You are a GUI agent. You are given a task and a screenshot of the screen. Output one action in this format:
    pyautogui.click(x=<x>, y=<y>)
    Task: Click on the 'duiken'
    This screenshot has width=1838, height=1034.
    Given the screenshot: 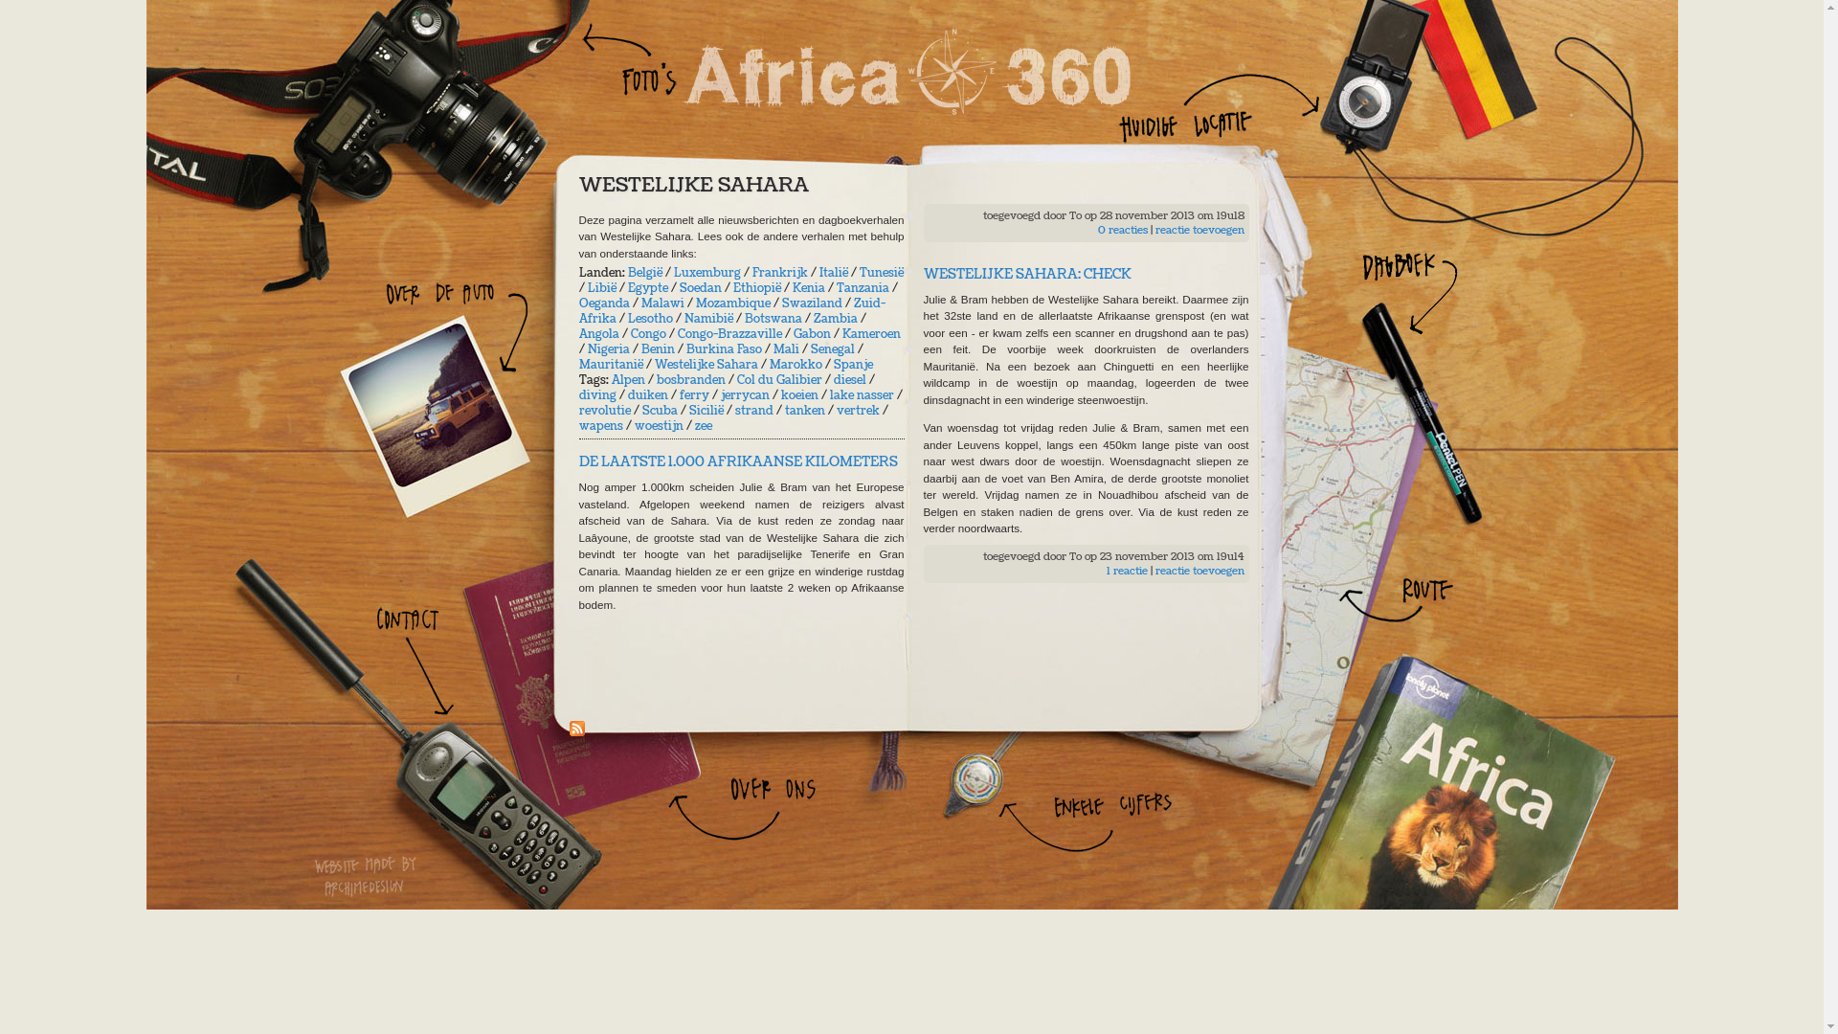 What is the action you would take?
    pyautogui.click(x=647, y=393)
    